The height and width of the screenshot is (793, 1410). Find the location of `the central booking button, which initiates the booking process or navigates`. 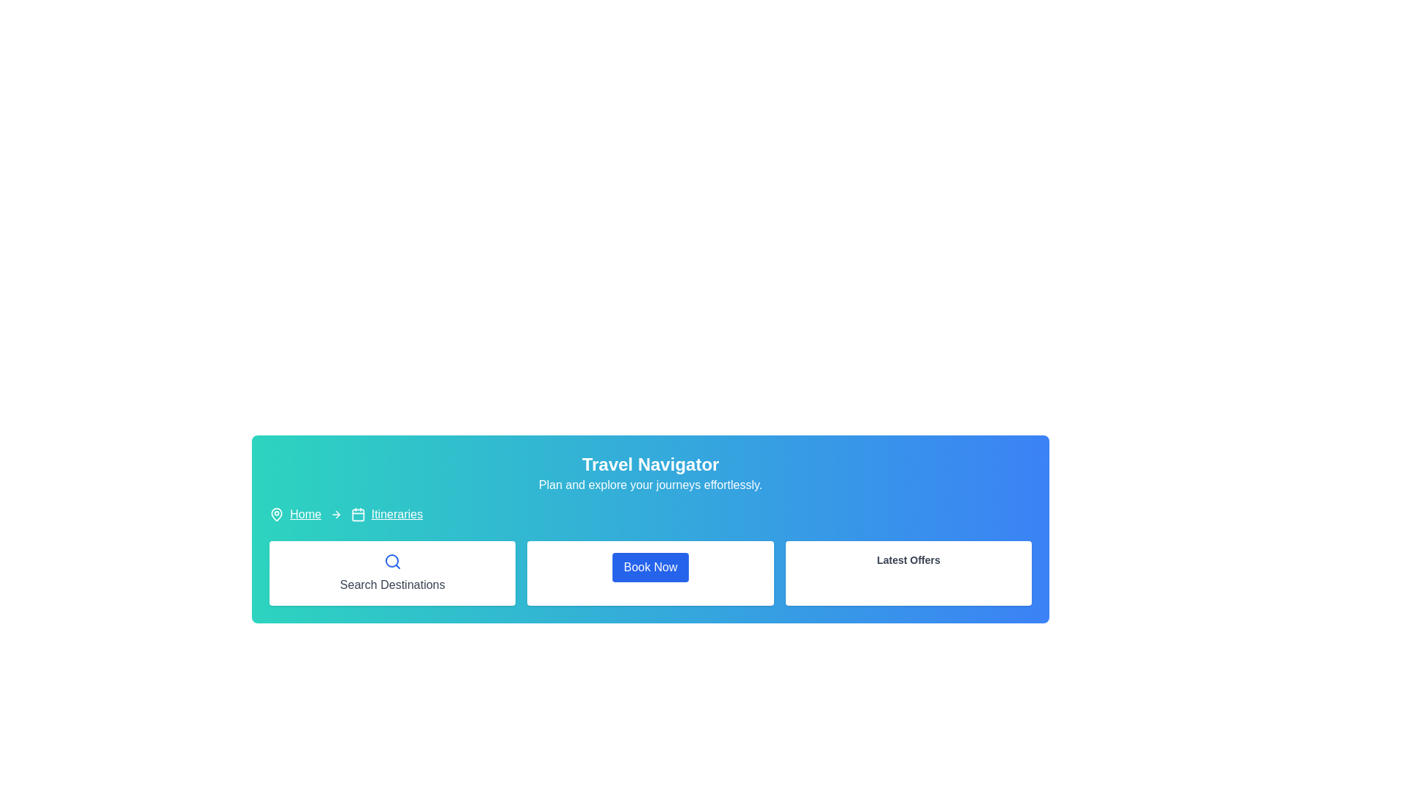

the central booking button, which initiates the booking process or navigates is located at coordinates (650, 572).